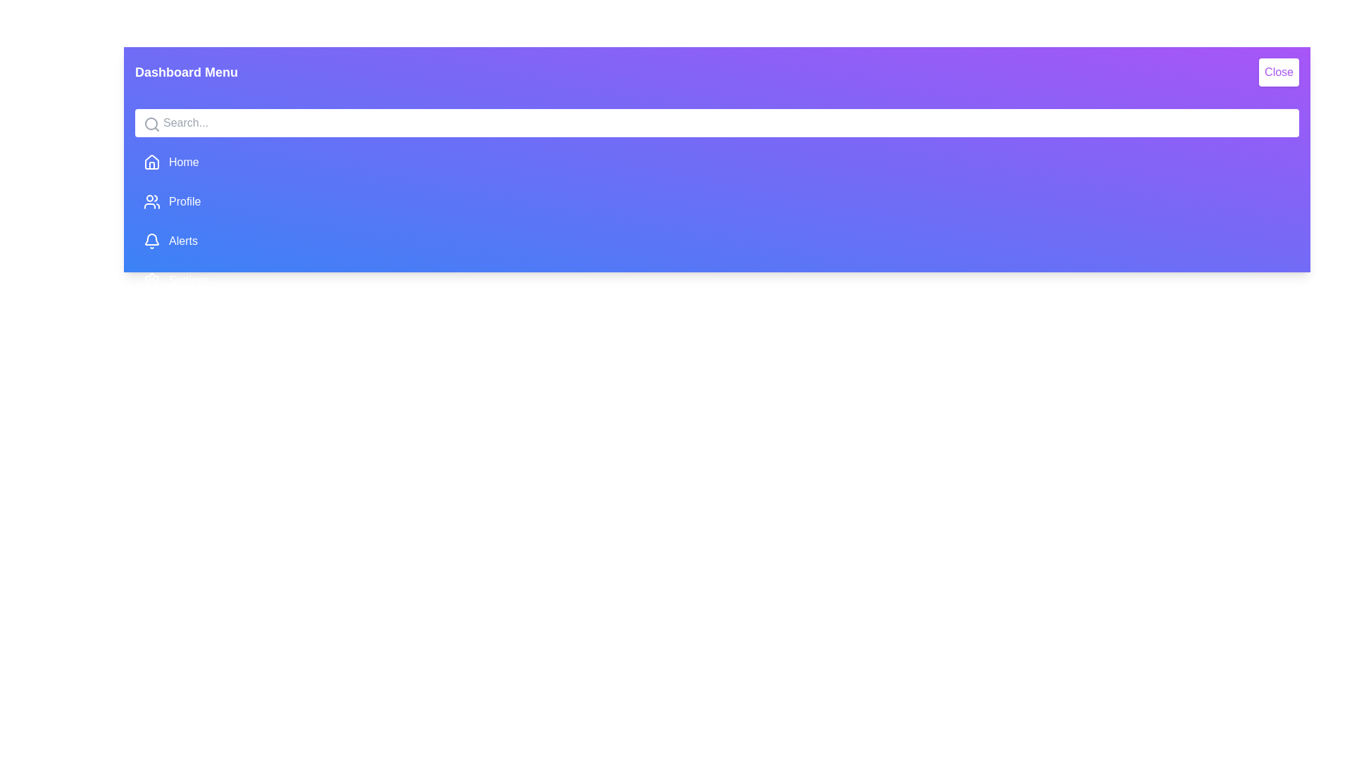 The height and width of the screenshot is (760, 1352). Describe the element at coordinates (185, 72) in the screenshot. I see `the 'Dashboard Menu' text label, which is a bold white text on a gradient purple background, located near the top-left of the header` at that location.